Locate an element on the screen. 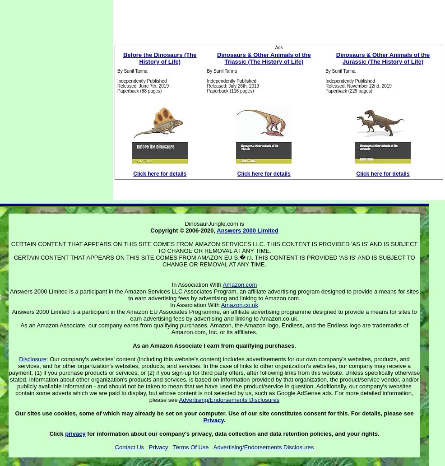  'As an Amazon Associate, our company earns from qualifying purchases. Amazon, the Amazon logo, Endless, and the Endless logo are trademarks of Amazon.com, Inc. or its affiliates.' is located at coordinates (214, 328).